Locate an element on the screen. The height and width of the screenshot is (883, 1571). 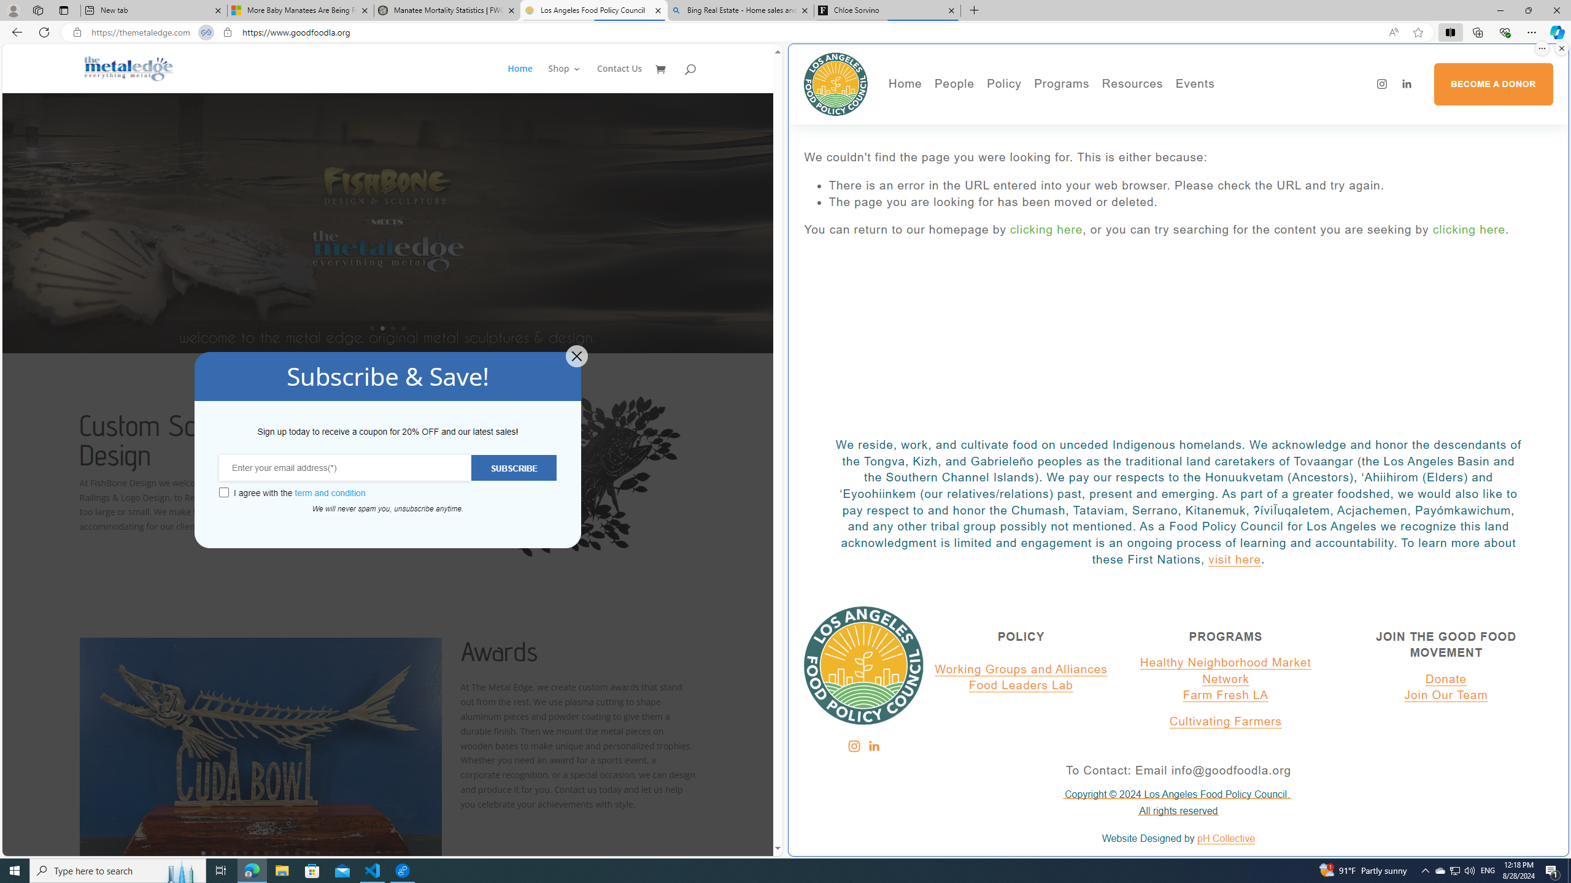
'Working Groups and Alliances' is located at coordinates (1021, 669).